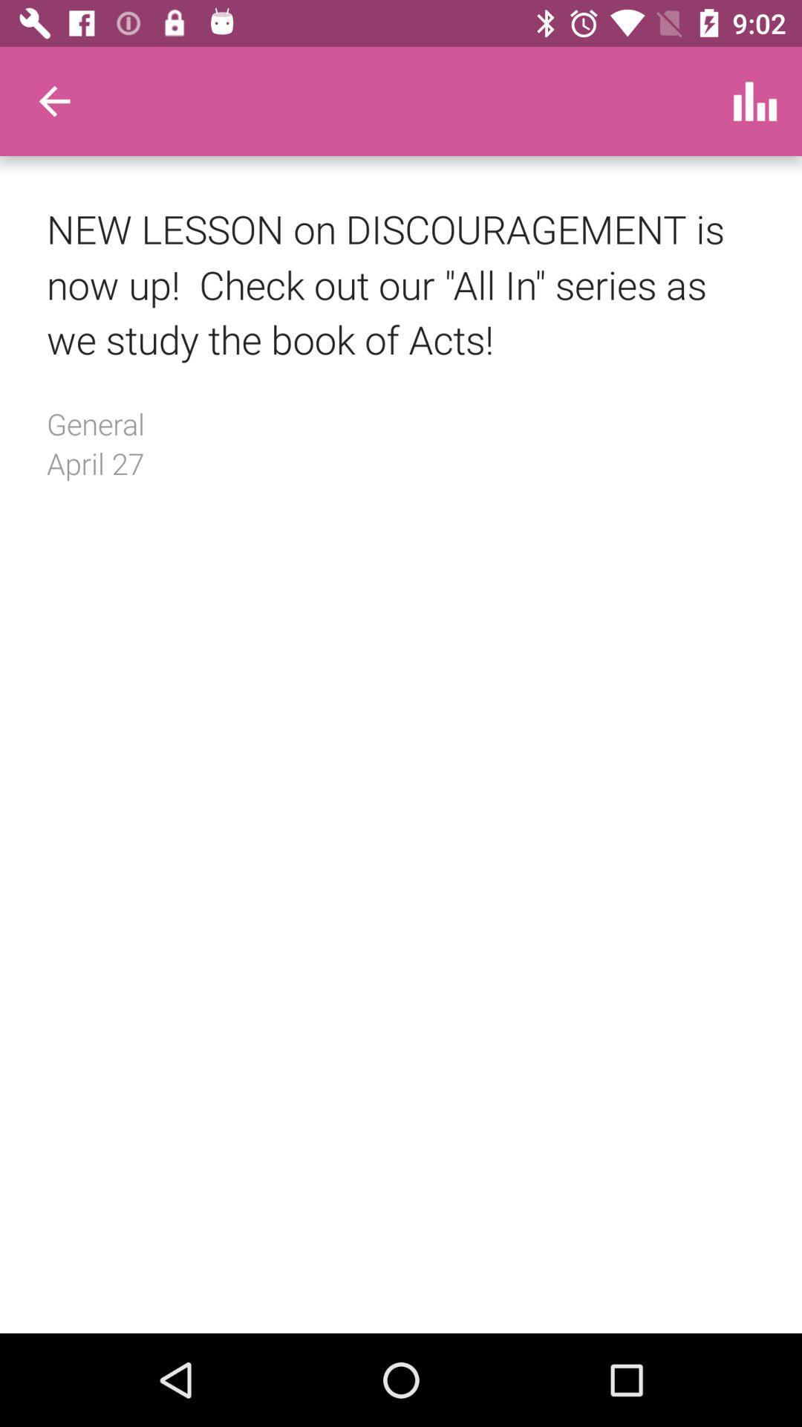 The height and width of the screenshot is (1427, 802). Describe the element at coordinates (53, 100) in the screenshot. I see `the item above new lesson on` at that location.